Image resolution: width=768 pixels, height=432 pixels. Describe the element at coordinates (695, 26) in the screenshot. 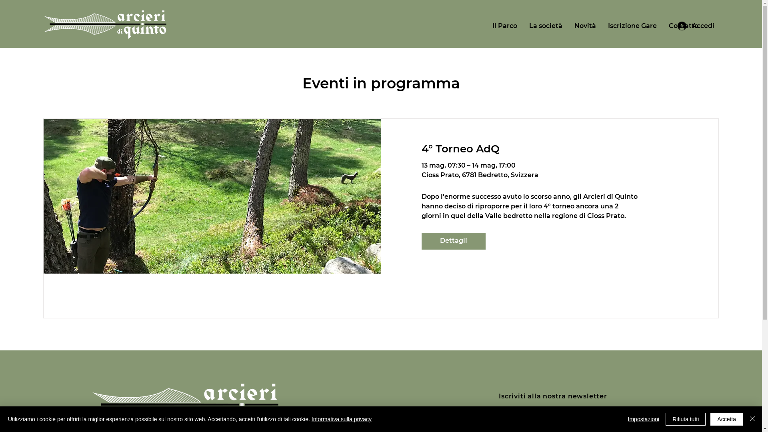

I see `'Accedi'` at that location.